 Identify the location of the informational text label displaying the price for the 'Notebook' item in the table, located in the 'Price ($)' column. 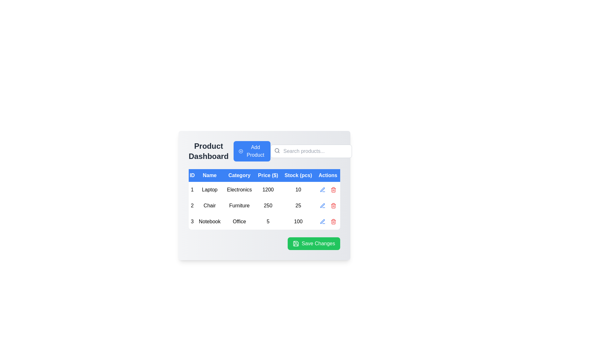
(268, 221).